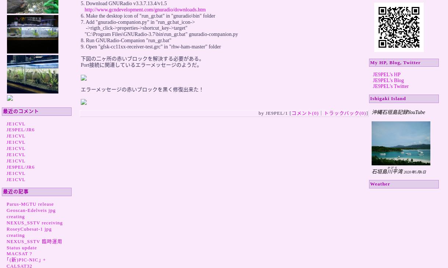  I want to click on 'RoseyCubesat-1 jpg creating', so click(29, 232).